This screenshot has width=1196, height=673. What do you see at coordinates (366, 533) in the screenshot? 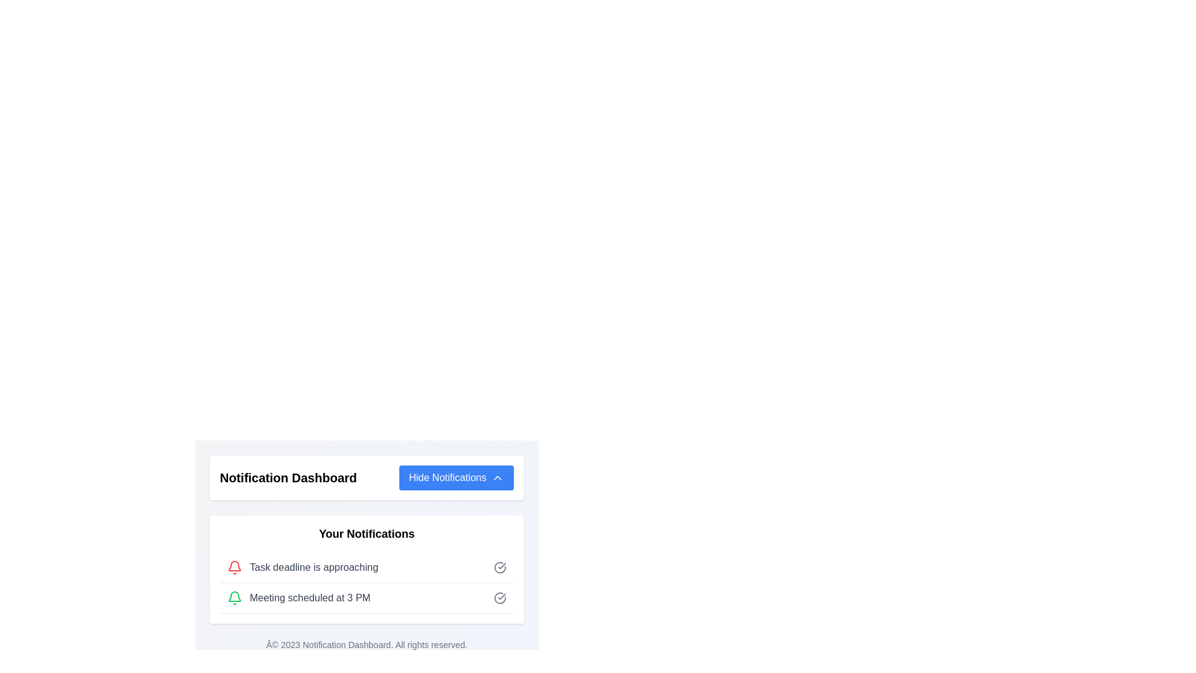
I see `the static text label reading 'Your Notifications', which is prominently displayed at the top of the notification section` at bounding box center [366, 533].